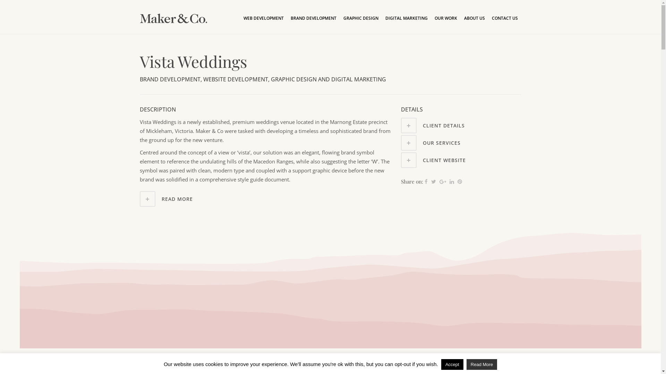  Describe the element at coordinates (406, 18) in the screenshot. I see `'DIGITAL MARKETING'` at that location.